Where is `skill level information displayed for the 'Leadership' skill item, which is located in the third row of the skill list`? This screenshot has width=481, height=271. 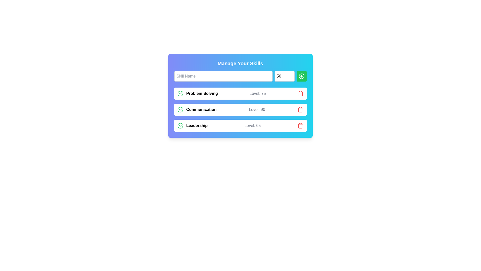
skill level information displayed for the 'Leadership' skill item, which is located in the third row of the skill list is located at coordinates (240, 125).